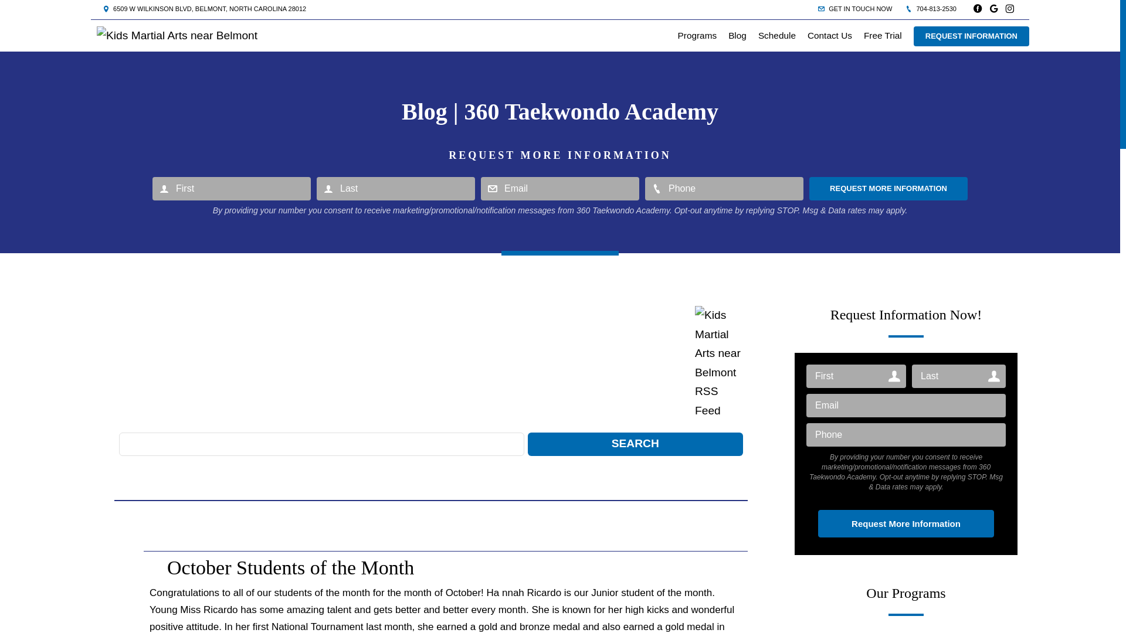 Image resolution: width=1126 pixels, height=633 pixels. What do you see at coordinates (888, 188) in the screenshot?
I see `'Request More Information'` at bounding box center [888, 188].